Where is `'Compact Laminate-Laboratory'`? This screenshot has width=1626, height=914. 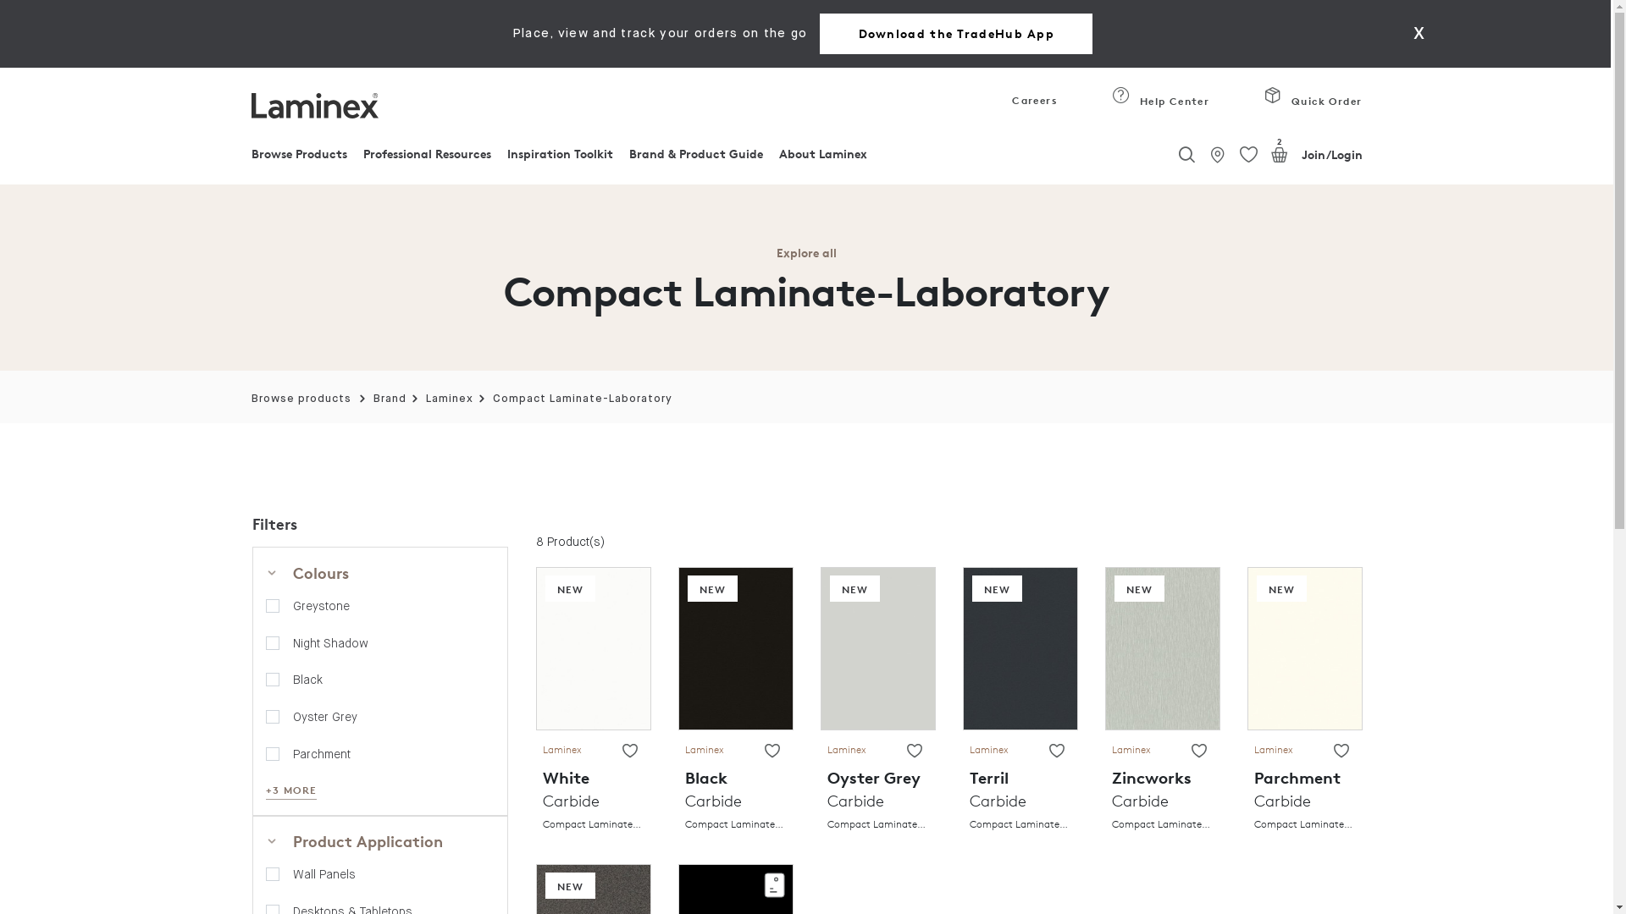 'Compact Laminate-Laboratory' is located at coordinates (582, 399).